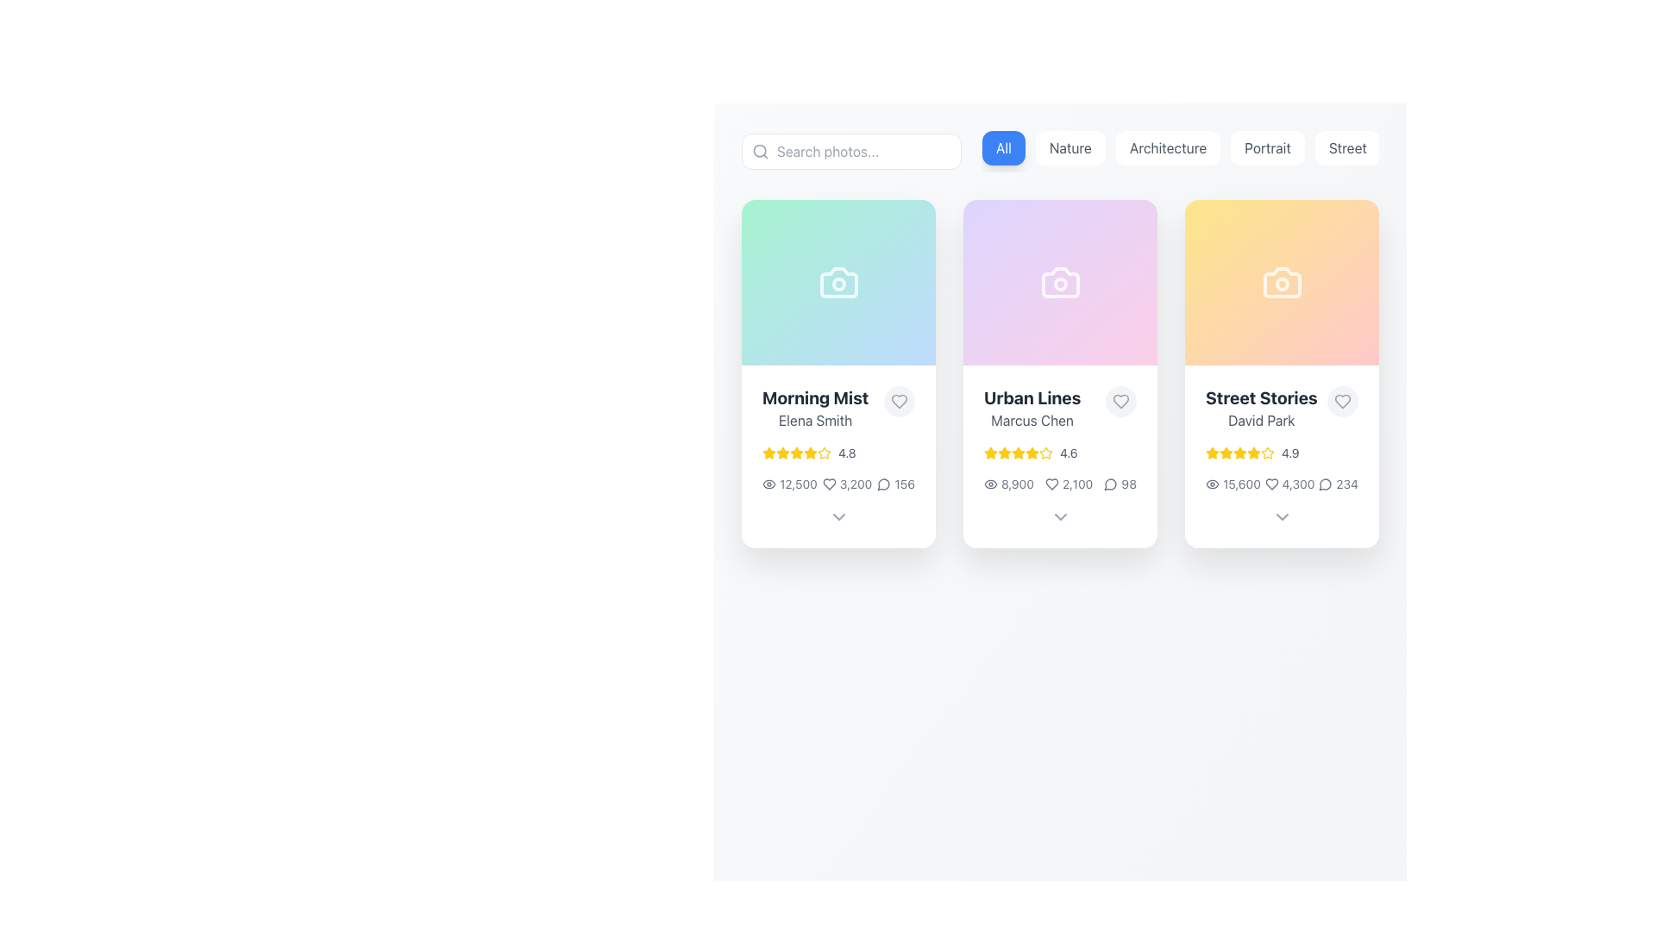  What do you see at coordinates (823, 452) in the screenshot?
I see `the fifth yellow star icon with rounded edges and a hollow interior, located next to the textual rating value in the rating display of the Morning Mist card` at bounding box center [823, 452].